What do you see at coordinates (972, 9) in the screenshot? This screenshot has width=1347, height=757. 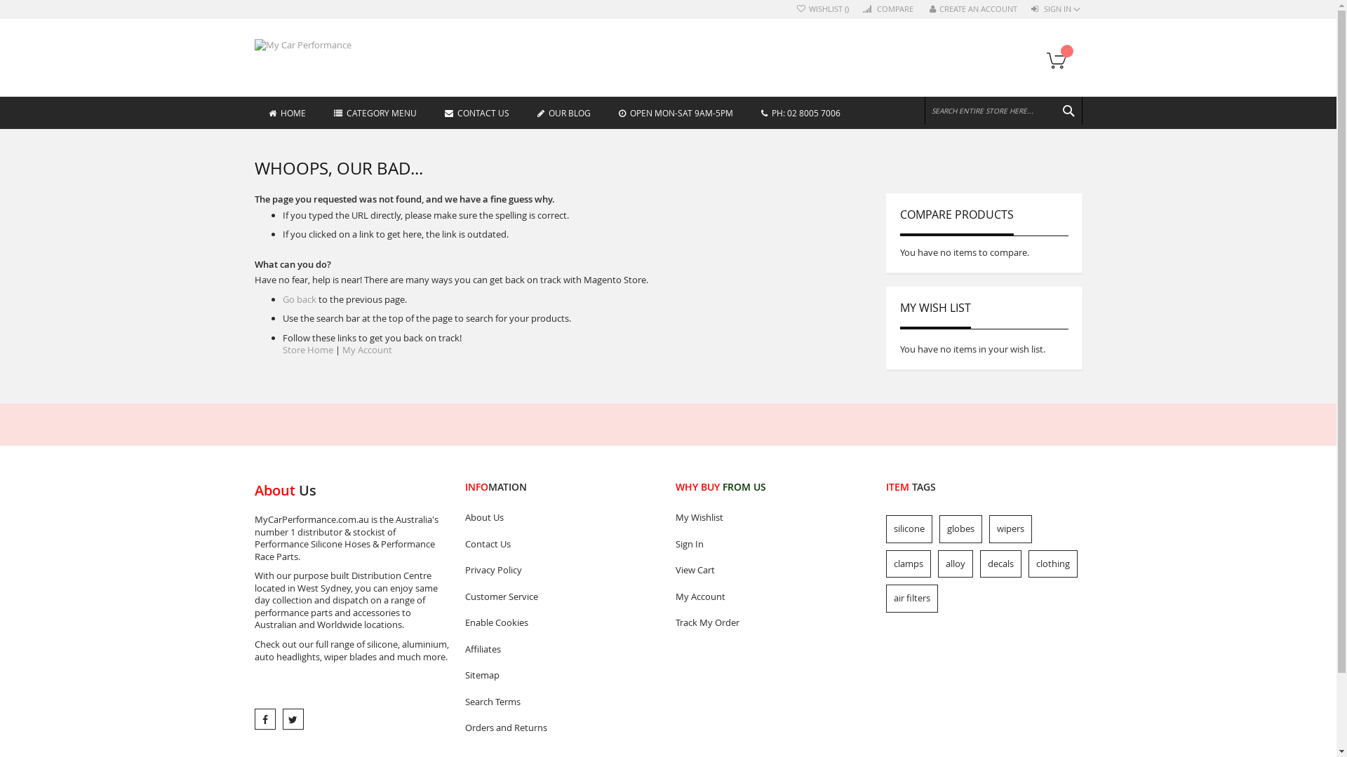 I see `'CREATE AN ACCOUNT'` at bounding box center [972, 9].